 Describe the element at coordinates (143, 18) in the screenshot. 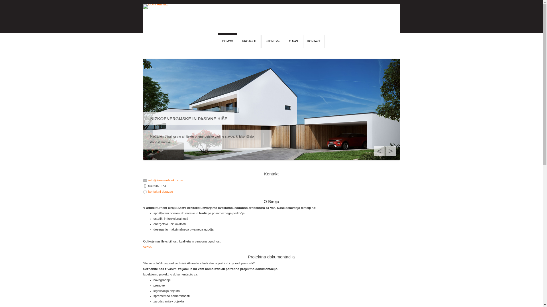

I see `'2AMV Arhitekti'` at that location.